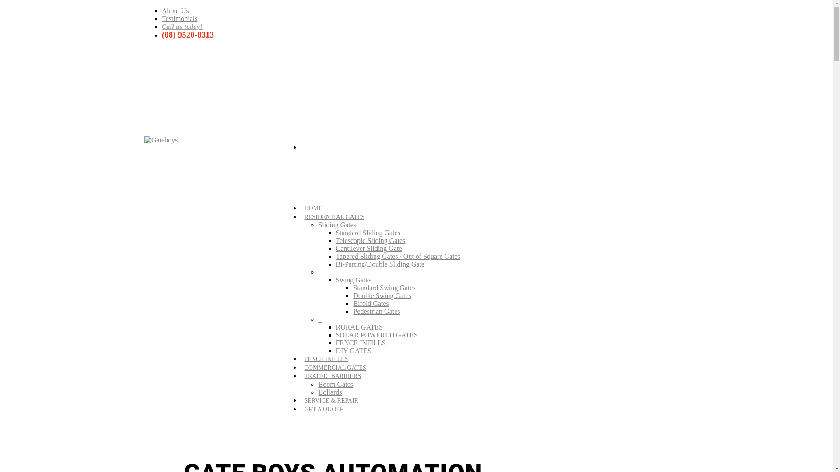 The height and width of the screenshot is (472, 840). I want to click on 'HOME', so click(313, 210).